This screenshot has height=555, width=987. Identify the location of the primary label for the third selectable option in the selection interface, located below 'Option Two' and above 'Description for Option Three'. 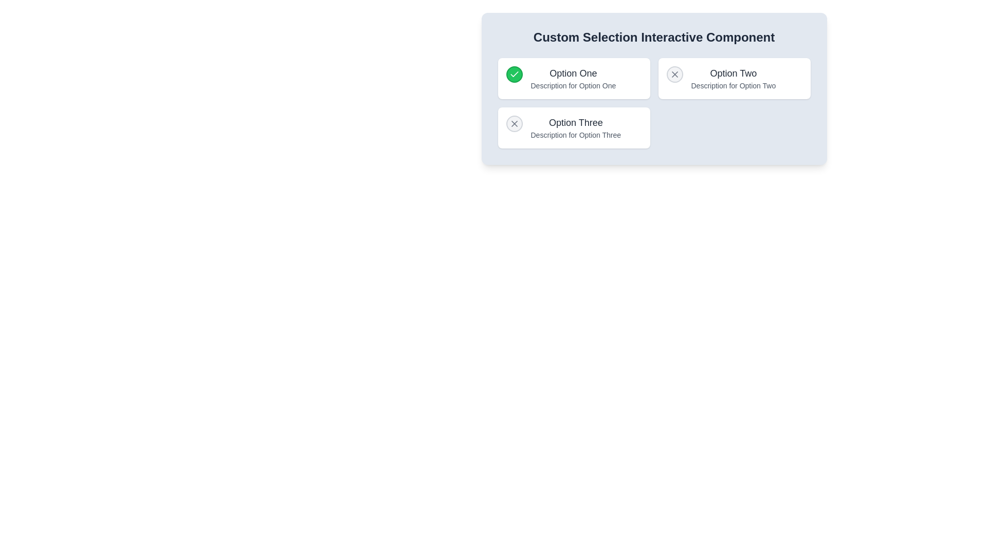
(576, 122).